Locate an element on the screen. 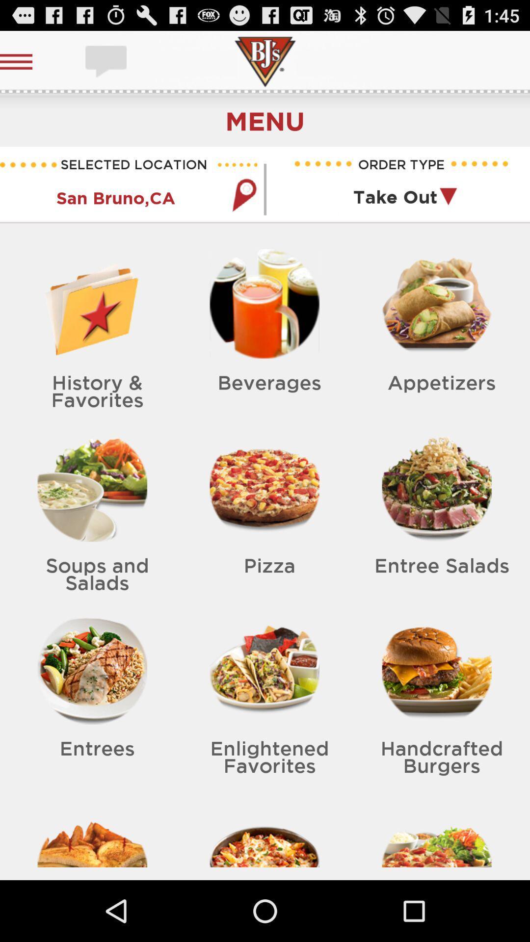 The image size is (530, 942). message chat button is located at coordinates (107, 61).